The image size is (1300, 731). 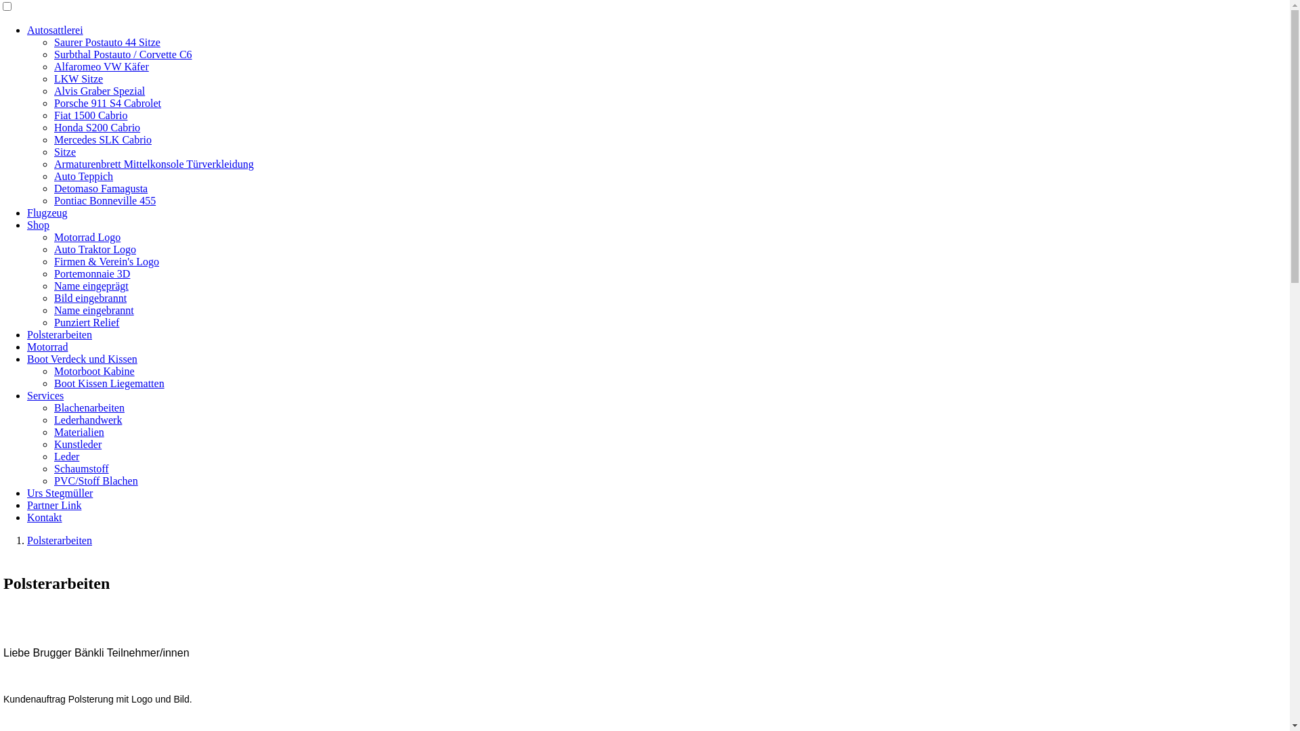 What do you see at coordinates (45, 517) in the screenshot?
I see `'Kontakt'` at bounding box center [45, 517].